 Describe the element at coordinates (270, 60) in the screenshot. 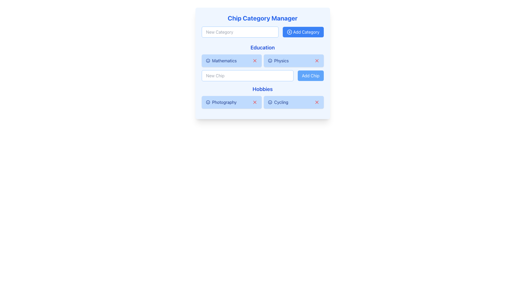

I see `the 'Physics' icon located at the leftmost part of the 'Physics' chip in the 'Education' section` at that location.